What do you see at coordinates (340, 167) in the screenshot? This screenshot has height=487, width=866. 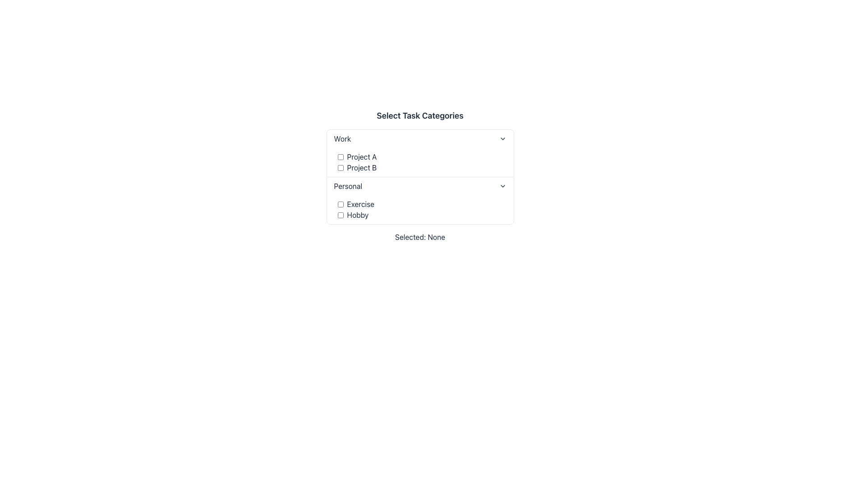 I see `the checkbox located to the left of the 'Project B' text in the 'Work' category` at bounding box center [340, 167].